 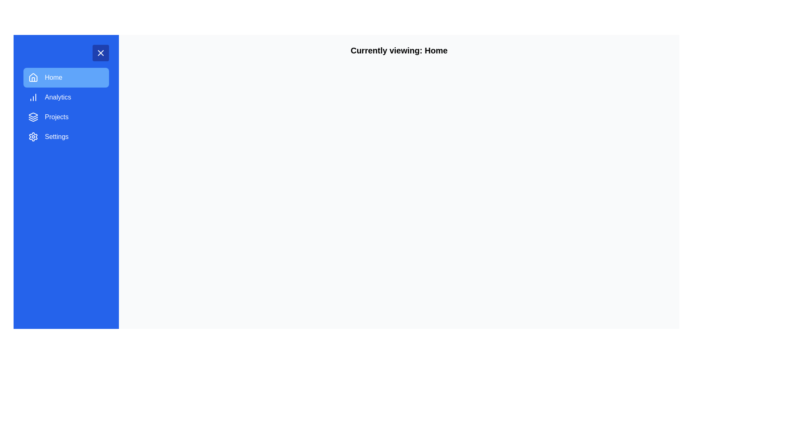 What do you see at coordinates (33, 115) in the screenshot?
I see `the 'Projects' icon in the application's navigation menu` at bounding box center [33, 115].